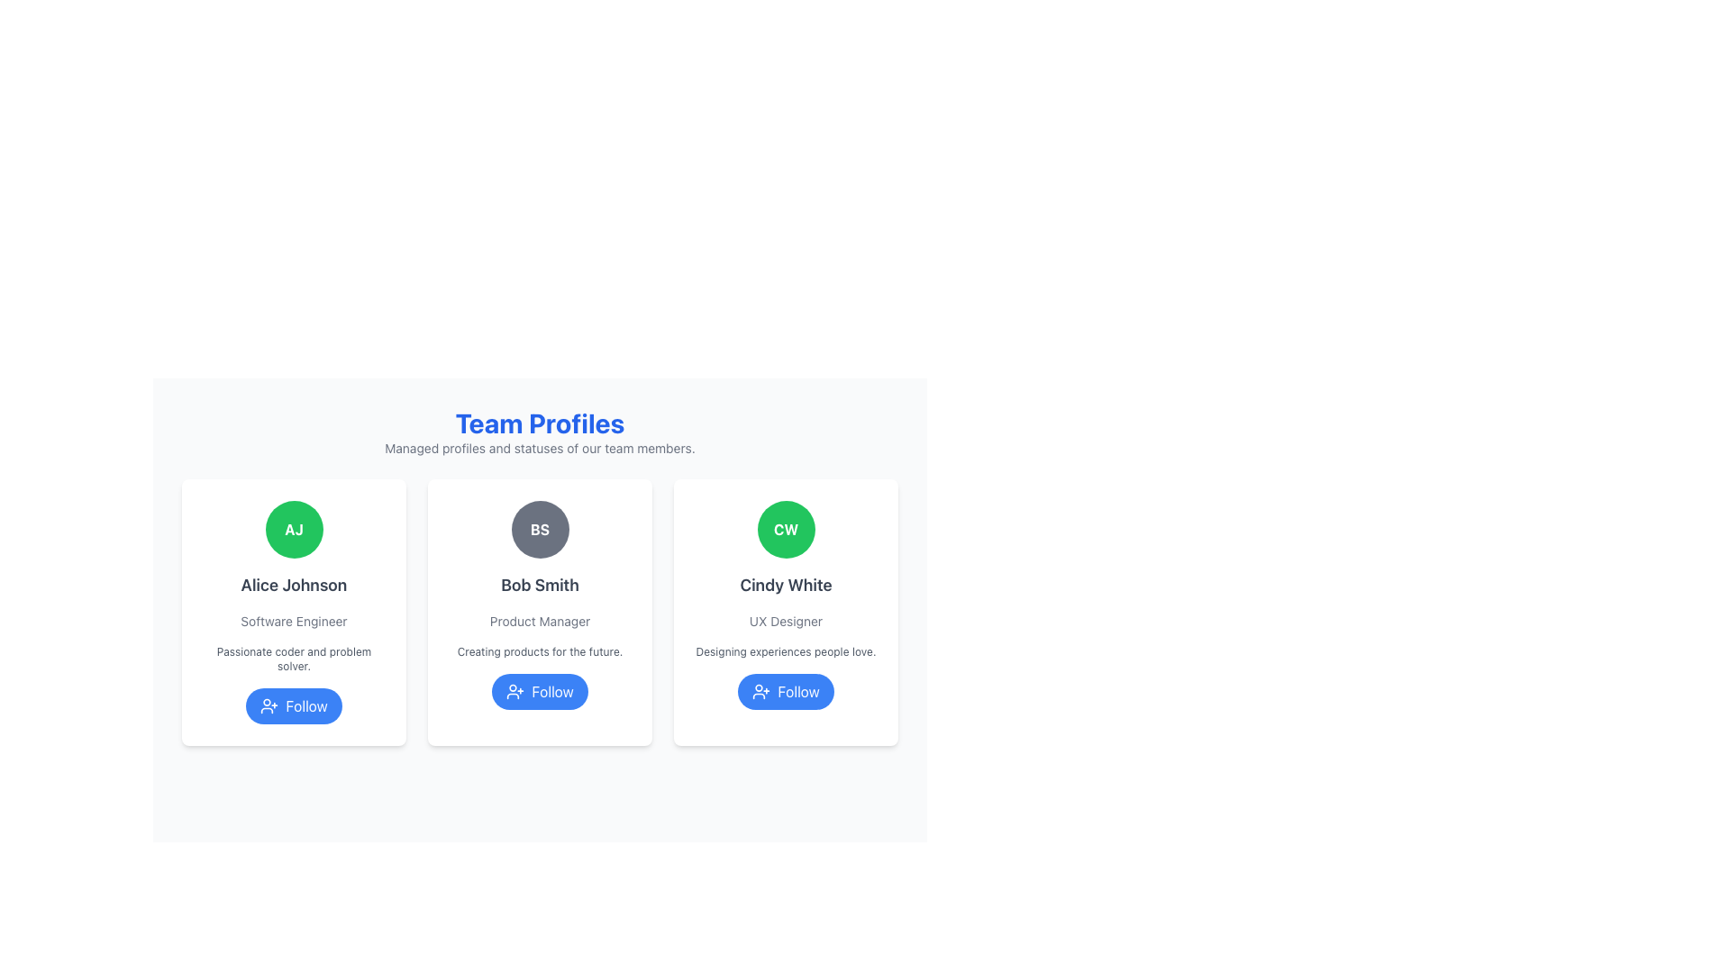 This screenshot has width=1730, height=973. What do you see at coordinates (539, 528) in the screenshot?
I see `the circular badge acting as a profile placeholder for Bob Smith, which is located at the top of the profile card, directly above the text 'Bob Smith'` at bounding box center [539, 528].